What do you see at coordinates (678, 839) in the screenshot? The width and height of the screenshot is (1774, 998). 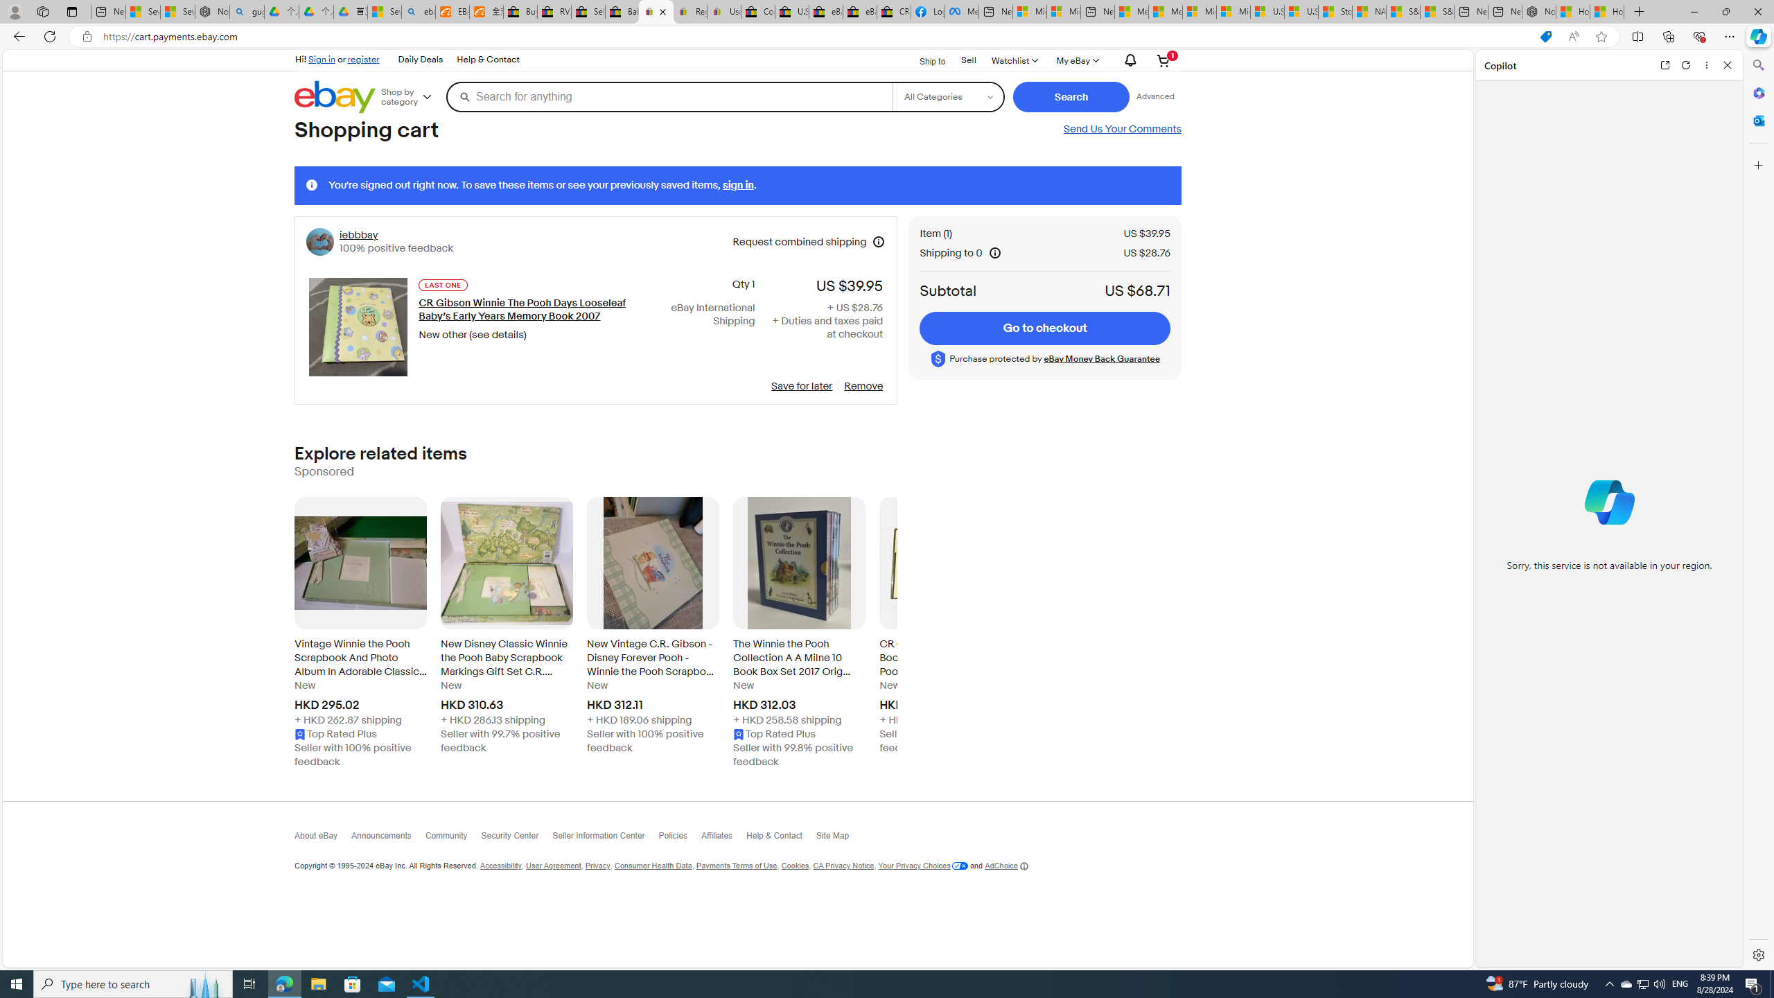 I see `'Policies'` at bounding box center [678, 839].